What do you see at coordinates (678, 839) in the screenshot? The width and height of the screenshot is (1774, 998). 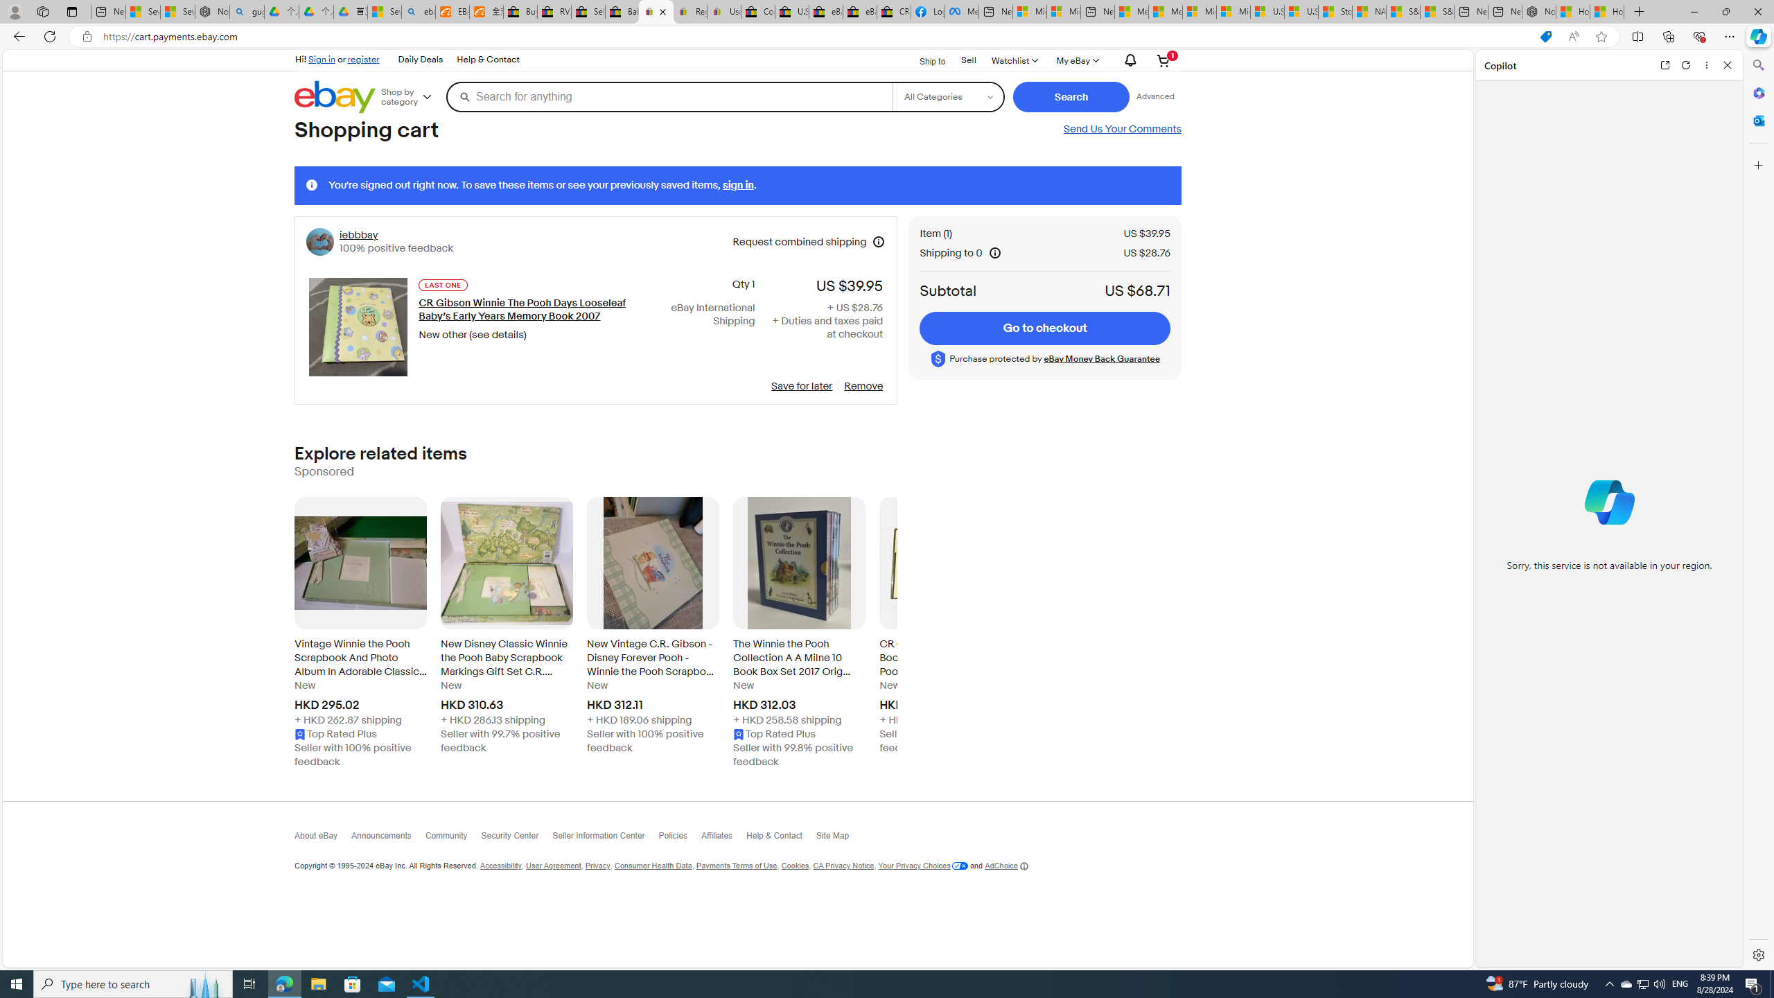 I see `'Policies'` at bounding box center [678, 839].